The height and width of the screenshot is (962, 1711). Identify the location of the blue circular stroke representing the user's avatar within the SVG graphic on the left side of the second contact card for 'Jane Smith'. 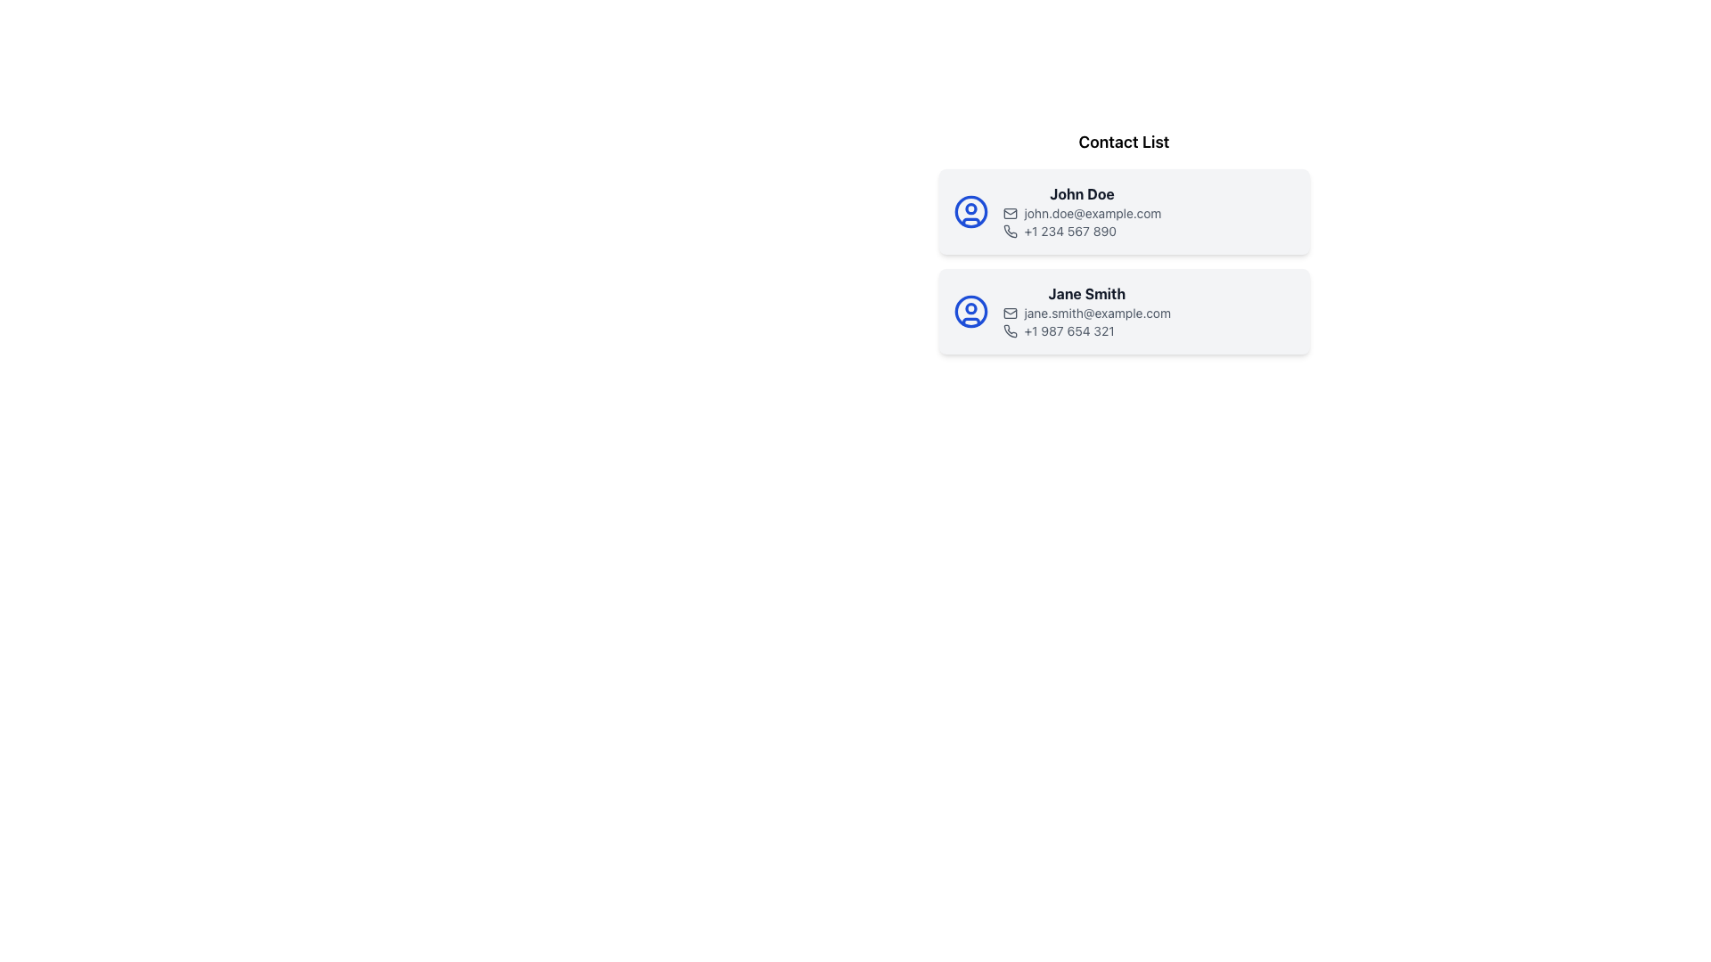
(970, 311).